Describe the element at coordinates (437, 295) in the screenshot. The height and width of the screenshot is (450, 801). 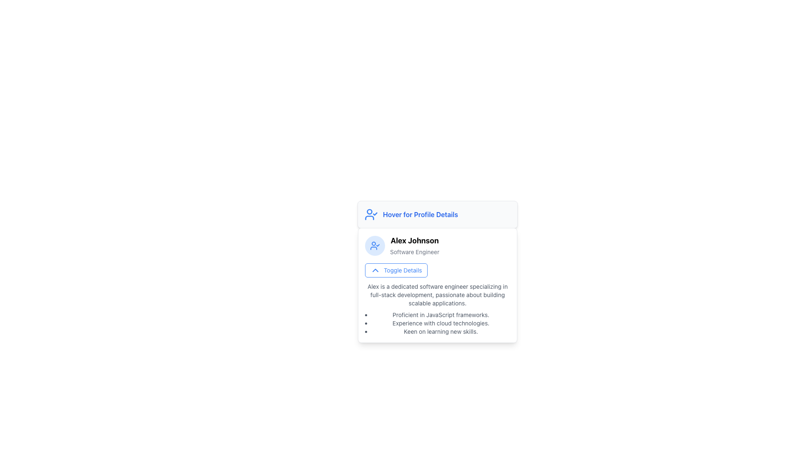
I see `the text content displaying the introduction or overview about an individual's professional capabilities and interests, located at the top region of the profile details card` at that location.